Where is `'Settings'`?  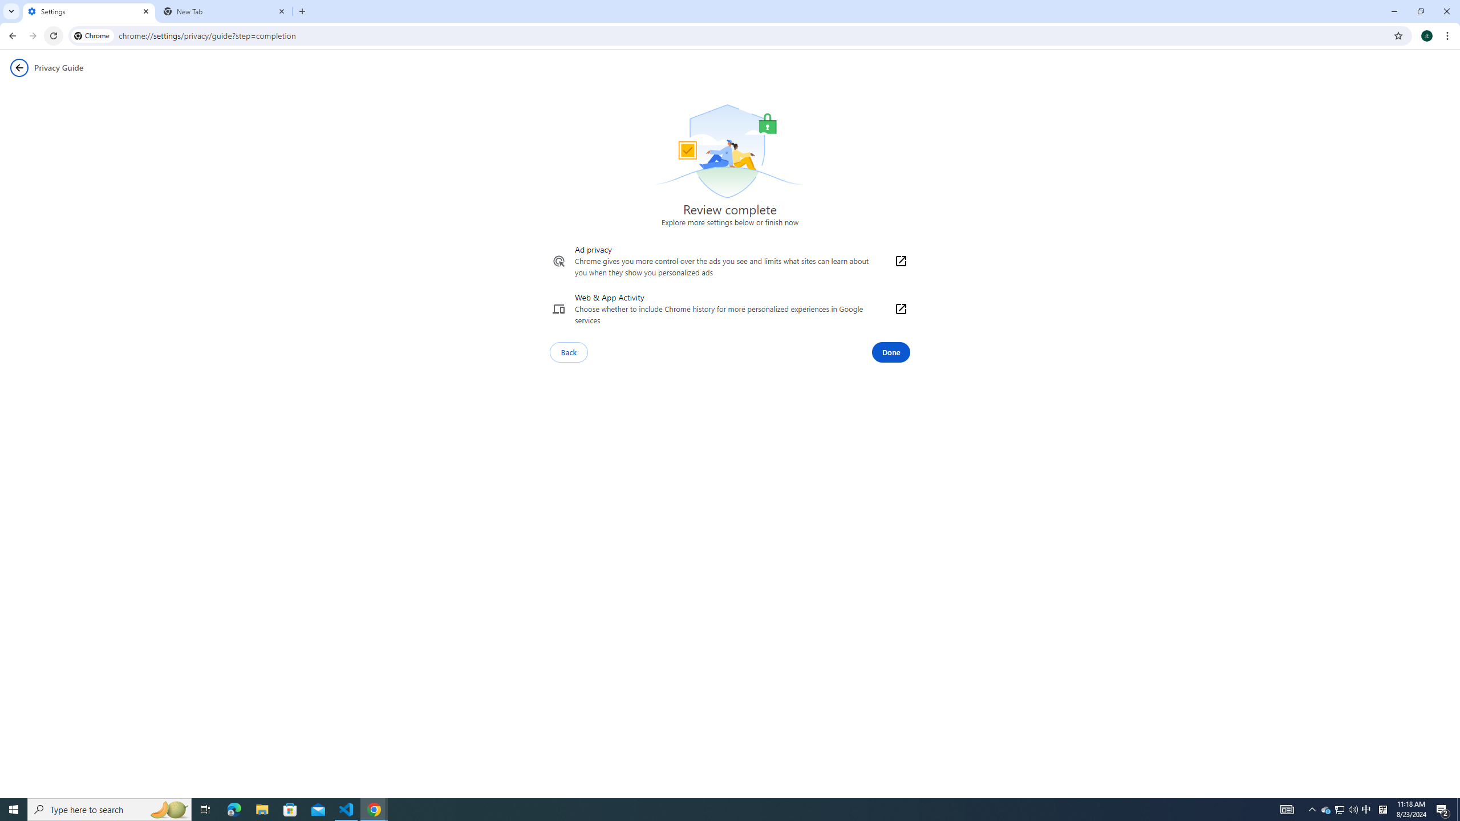
'Settings' is located at coordinates (88, 11).